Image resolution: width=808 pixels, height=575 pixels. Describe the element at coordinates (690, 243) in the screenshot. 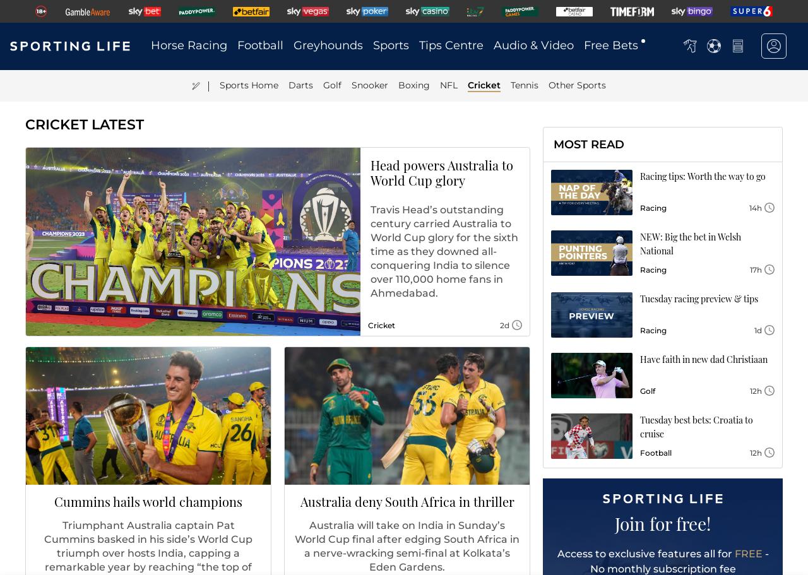

I see `'NEW: Big the bet in Welsh National'` at that location.